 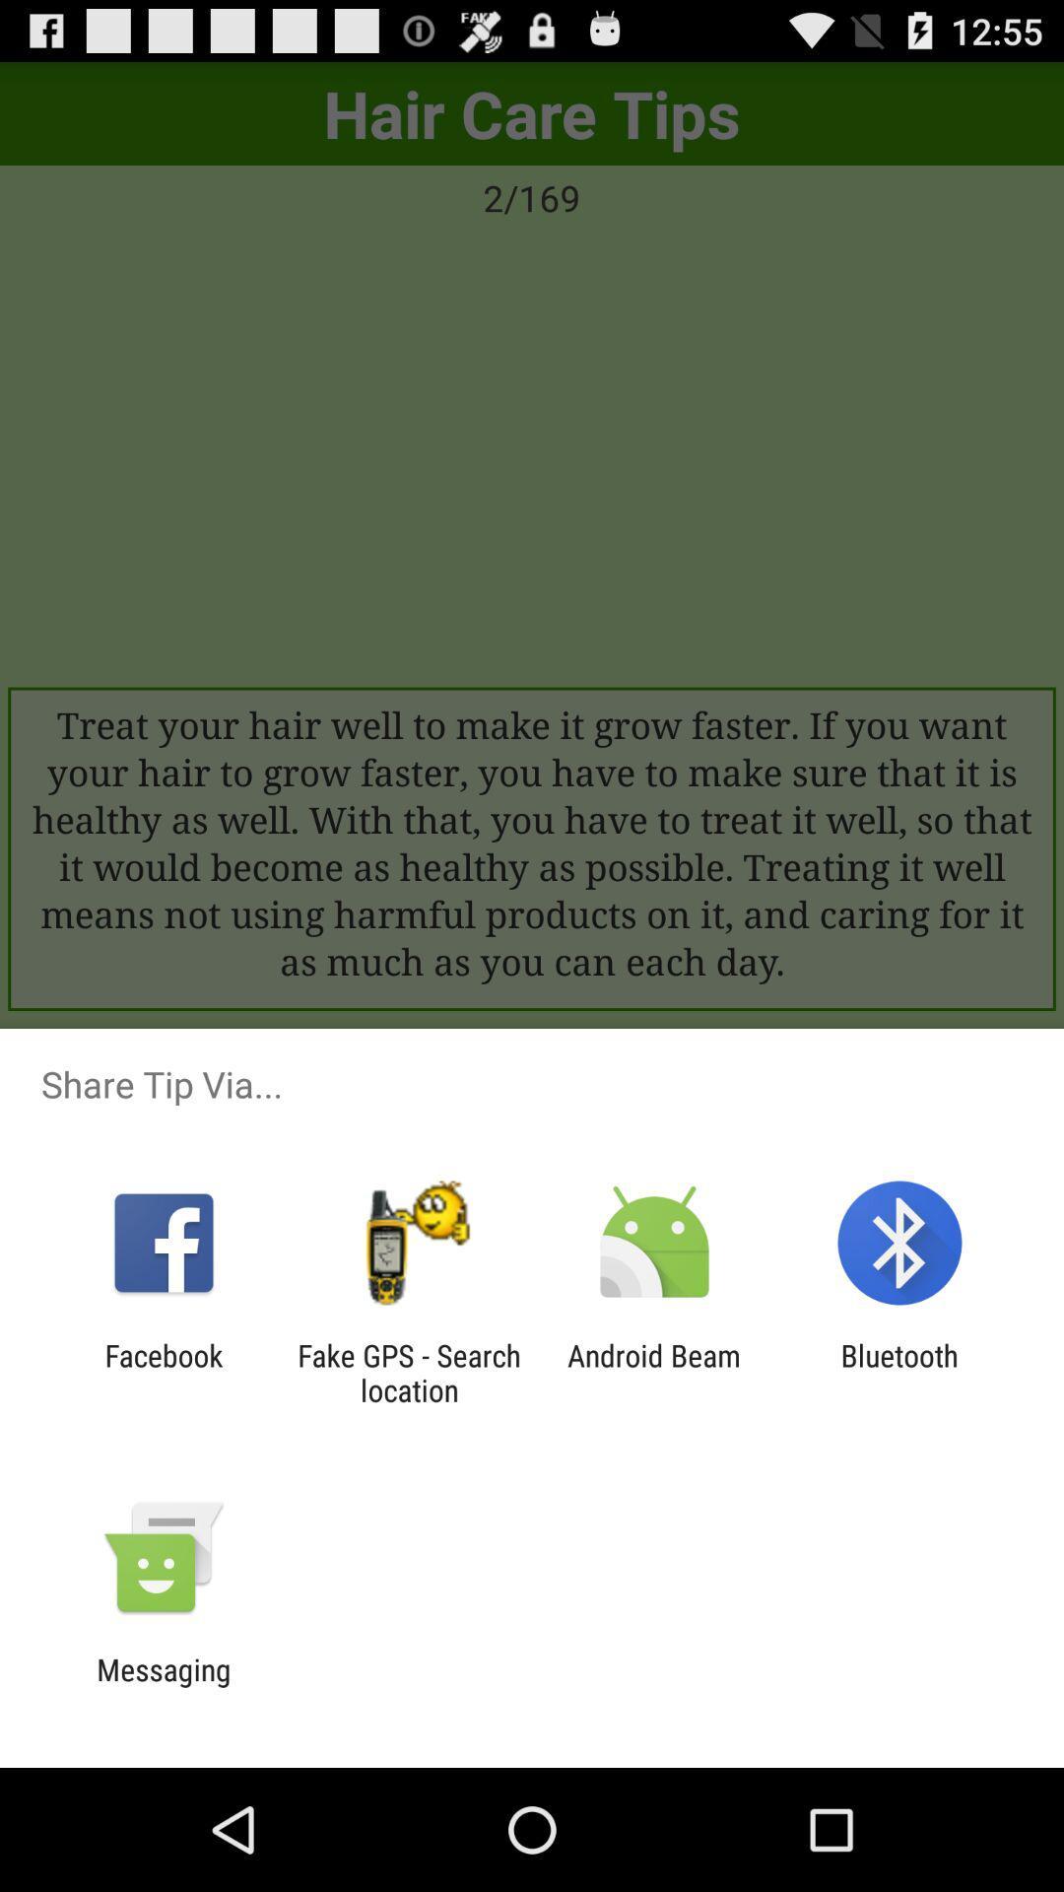 What do you see at coordinates (408, 1372) in the screenshot?
I see `the app to the left of the android beam item` at bounding box center [408, 1372].